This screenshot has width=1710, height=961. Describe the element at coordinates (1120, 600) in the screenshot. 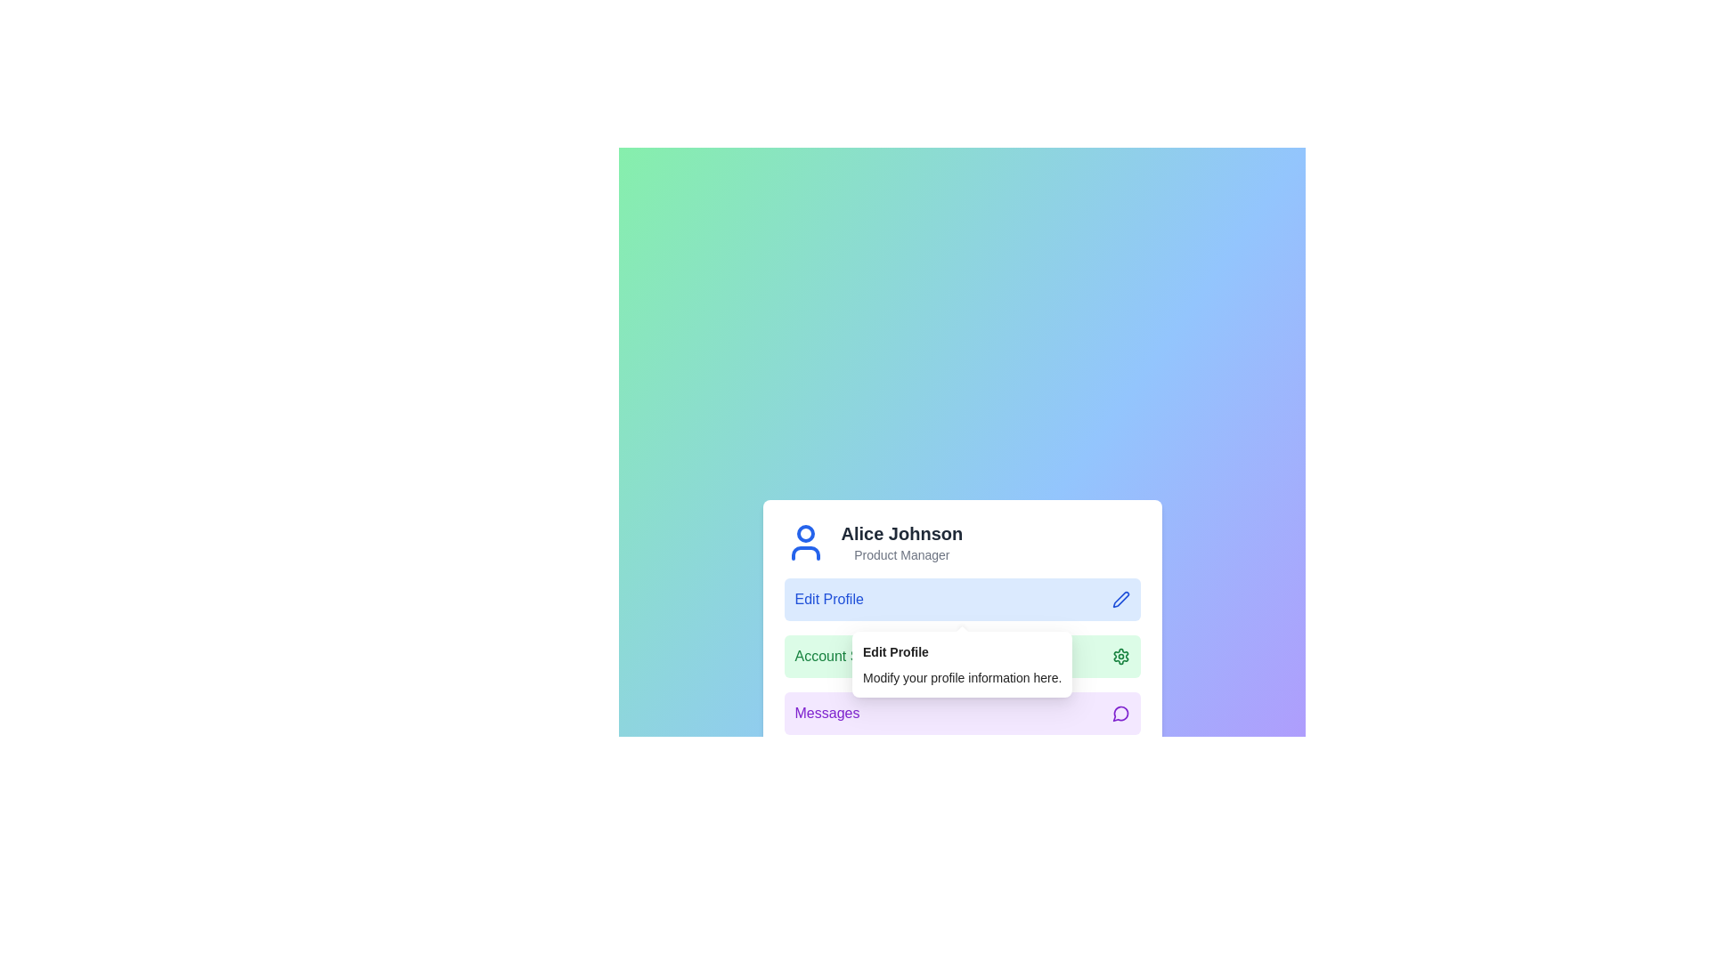

I see `the pen-like icon with a thin blue outline next to the 'Edit Profile' text to initiate detailed editing` at that location.